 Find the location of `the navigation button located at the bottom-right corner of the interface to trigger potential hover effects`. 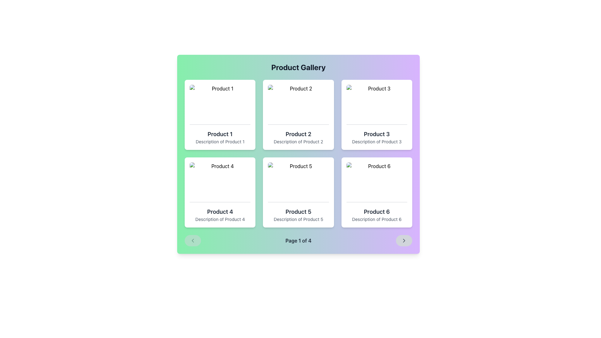

the navigation button located at the bottom-right corner of the interface to trigger potential hover effects is located at coordinates (404, 240).